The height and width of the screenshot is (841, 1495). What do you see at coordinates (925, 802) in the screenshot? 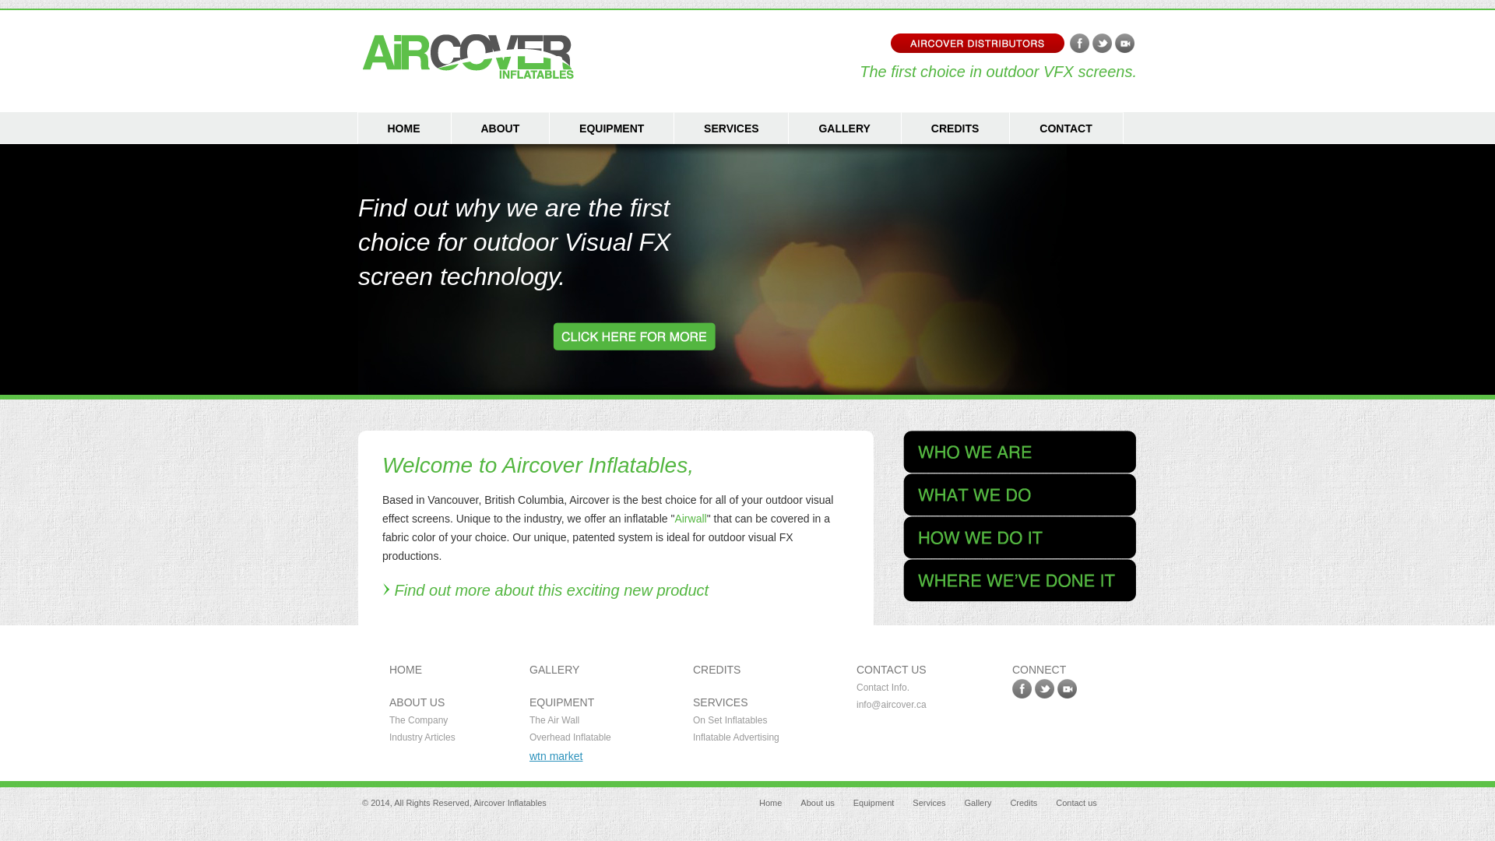
I see `'Services'` at bounding box center [925, 802].